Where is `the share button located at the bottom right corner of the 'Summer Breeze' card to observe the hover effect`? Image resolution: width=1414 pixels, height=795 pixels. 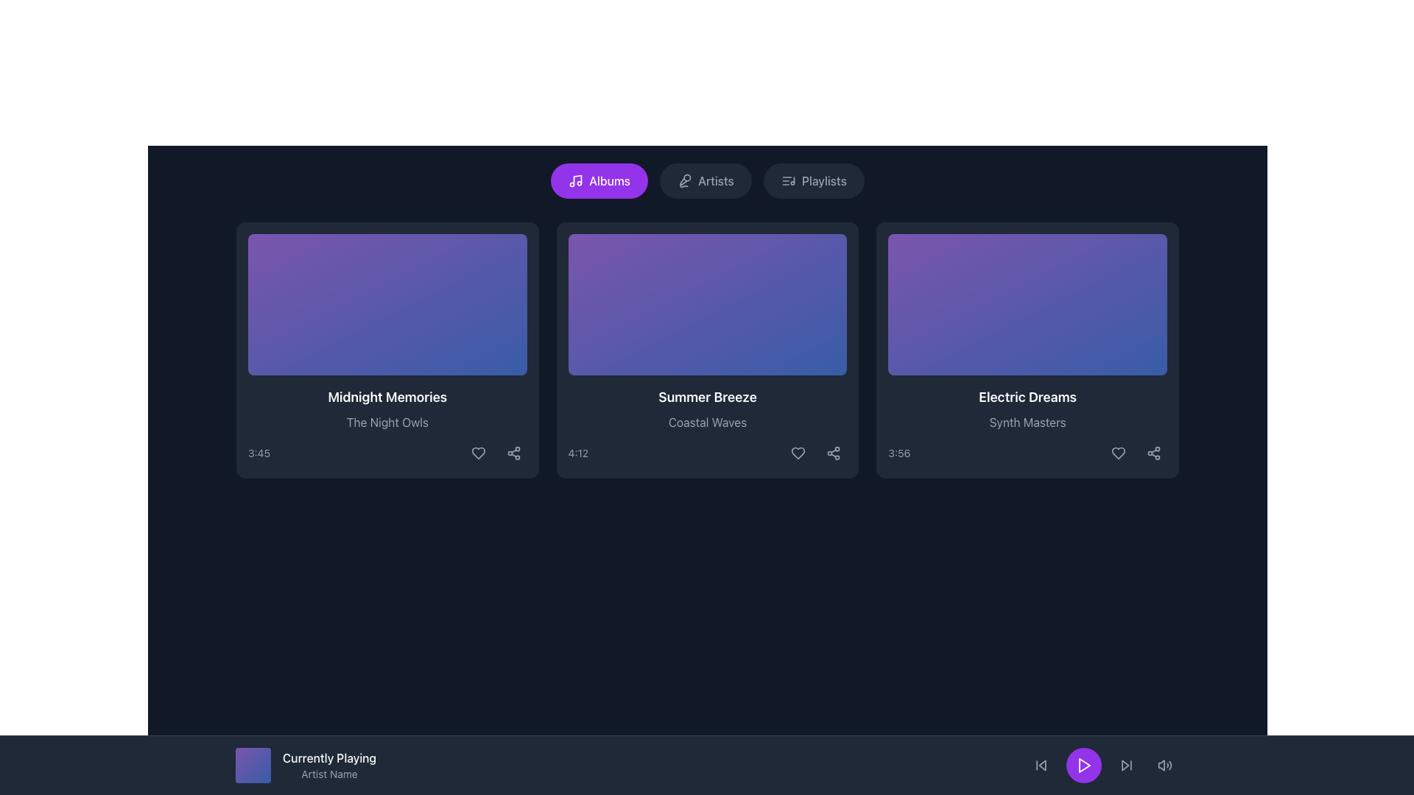
the share button located at the bottom right corner of the 'Summer Breeze' card to observe the hover effect is located at coordinates (834, 453).